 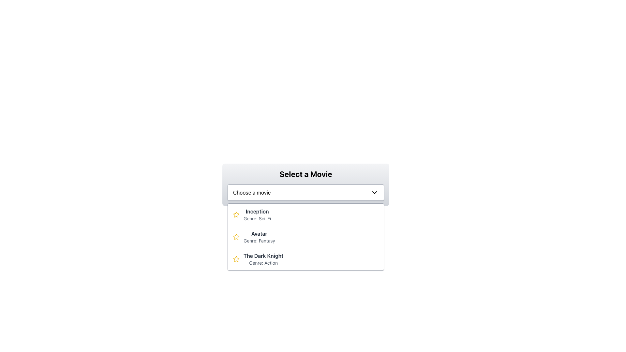 I want to click on the second item in the interactive dropdown list, titled 'Avatar - Genre: Fantasy', so click(x=305, y=237).